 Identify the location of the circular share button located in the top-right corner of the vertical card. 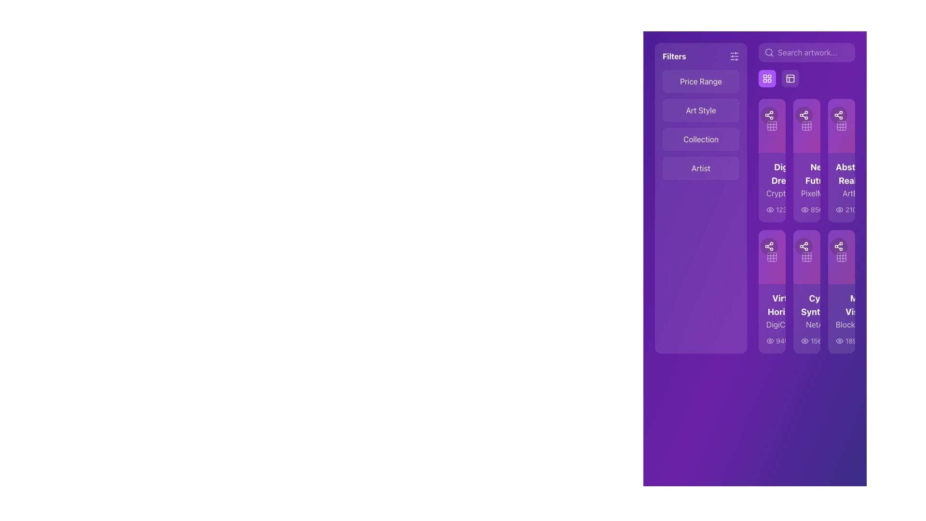
(758, 115).